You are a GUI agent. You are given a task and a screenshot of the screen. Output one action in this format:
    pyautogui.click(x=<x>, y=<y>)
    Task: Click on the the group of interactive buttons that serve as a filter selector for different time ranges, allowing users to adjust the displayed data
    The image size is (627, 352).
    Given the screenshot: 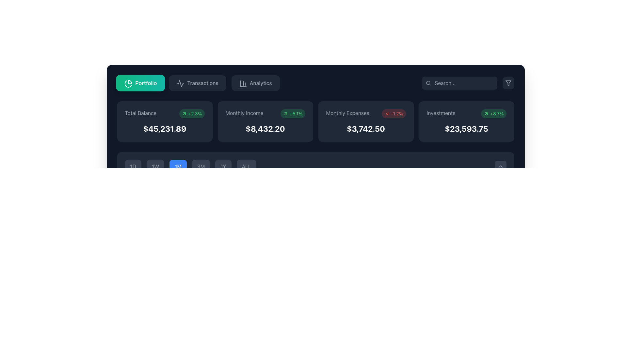 What is the action you would take?
    pyautogui.click(x=315, y=166)
    